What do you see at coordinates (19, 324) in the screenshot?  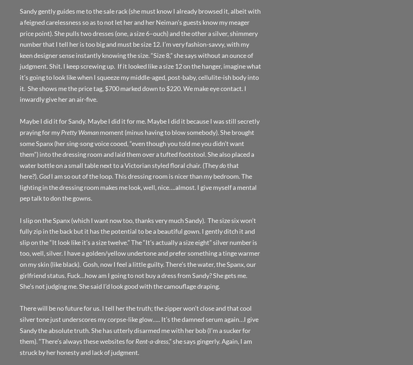 I see `'There will be no future for us. I tell her the truth; the zipper won’t close and that cool silver tone just underscores my corpse-like glow….. It’s the damned serum again…I give Sandy the absolute truth. She has utterly disarmed me with her bob (I’m a sucker for them). “There’s always these websites for'` at bounding box center [19, 324].